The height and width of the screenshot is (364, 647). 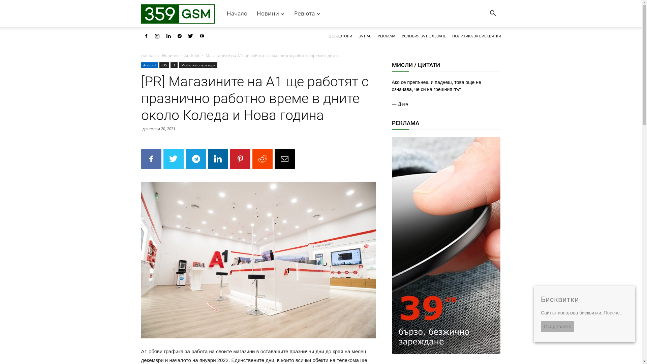 What do you see at coordinates (163, 65) in the screenshot?
I see `'iOS'` at bounding box center [163, 65].